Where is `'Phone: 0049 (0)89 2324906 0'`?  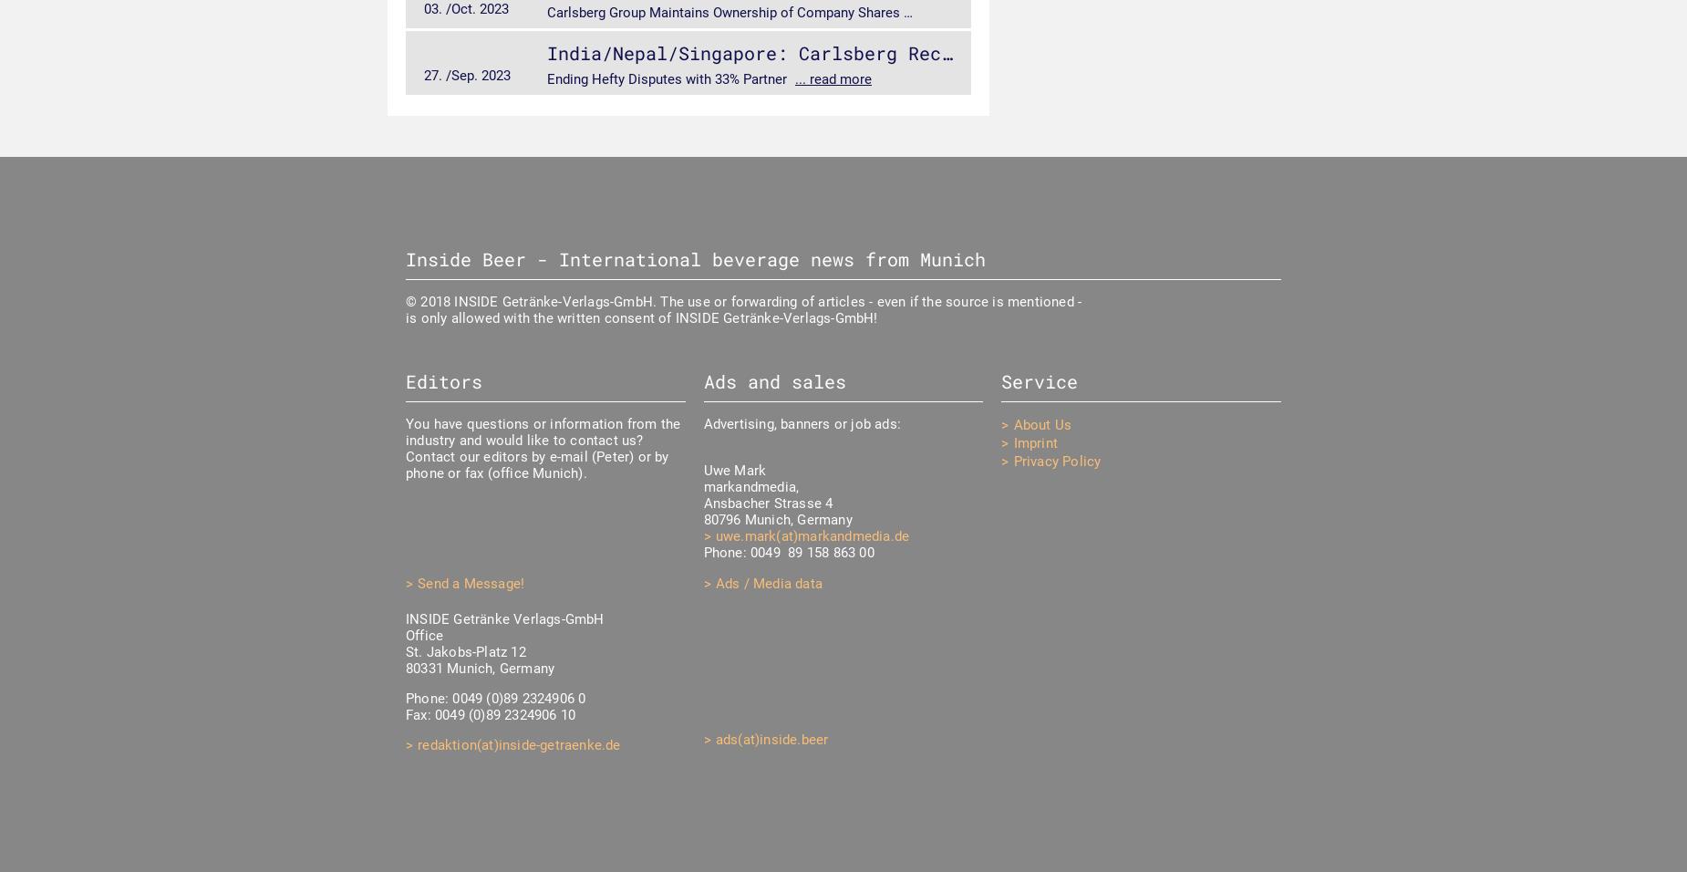
'Phone: 0049 (0)89 2324906 0' is located at coordinates (495, 698).